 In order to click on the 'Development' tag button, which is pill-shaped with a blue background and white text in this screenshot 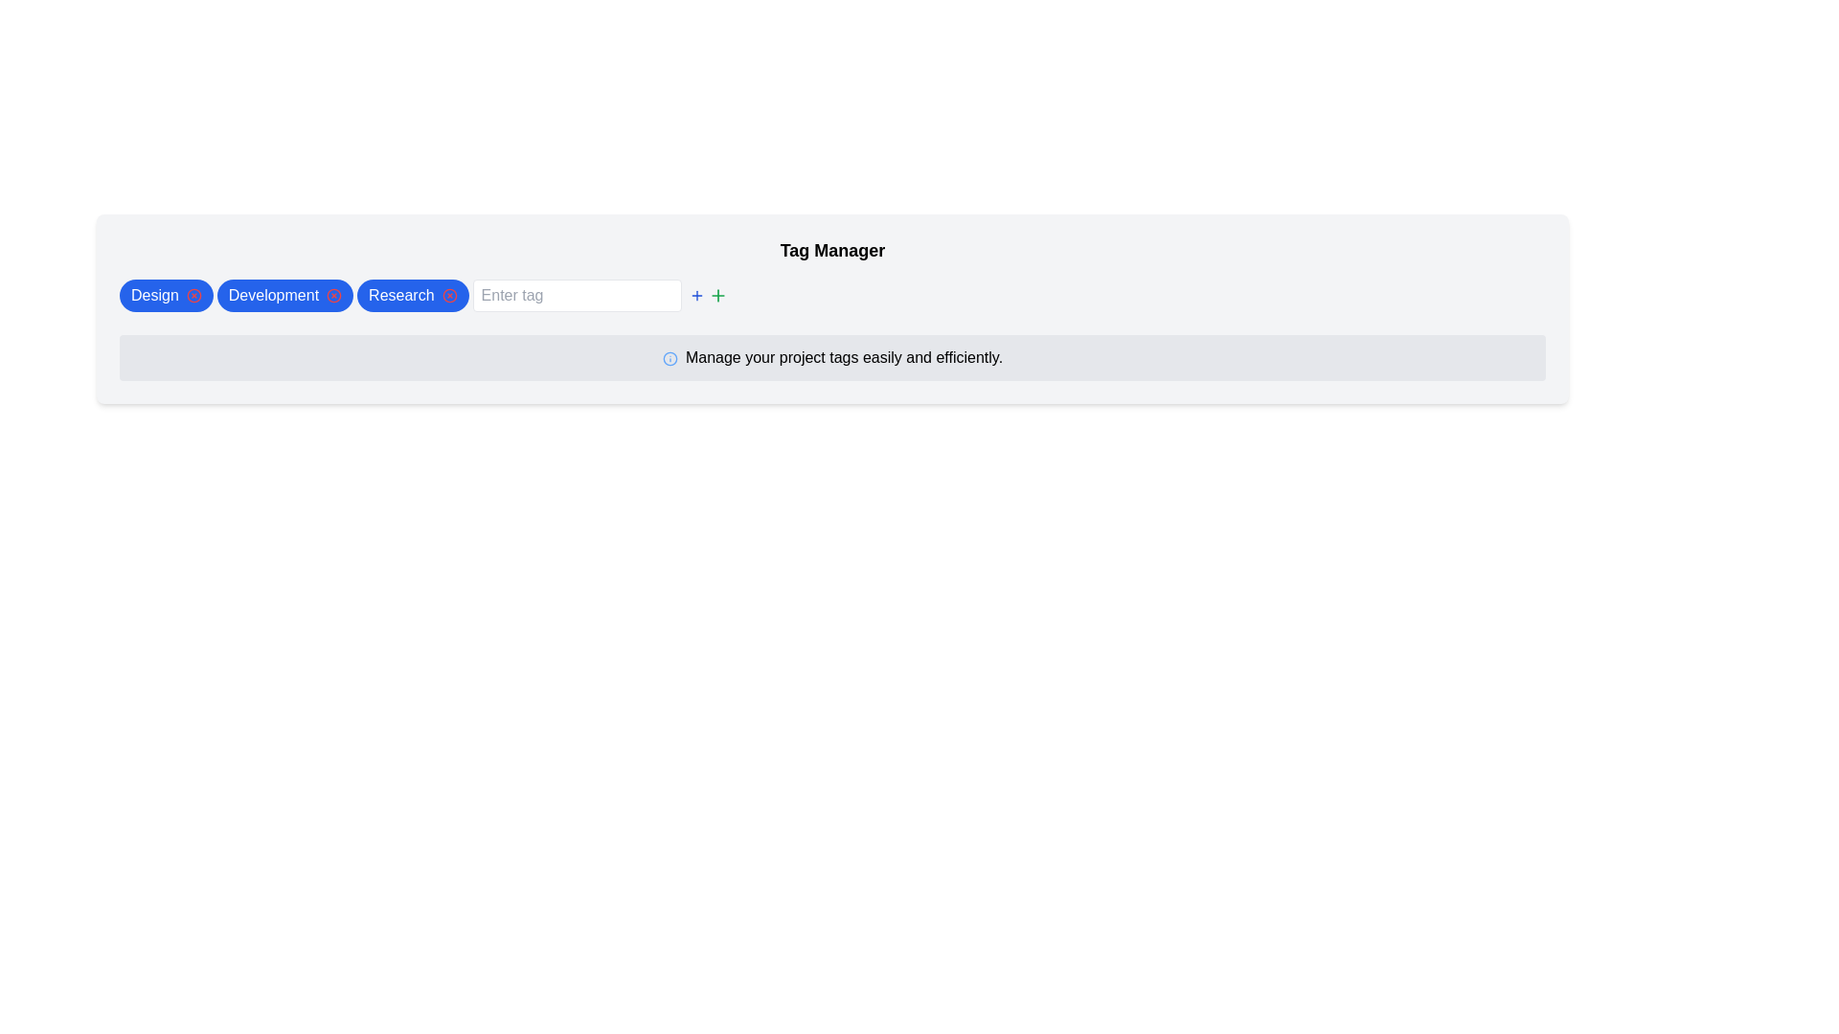, I will do `click(284, 295)`.